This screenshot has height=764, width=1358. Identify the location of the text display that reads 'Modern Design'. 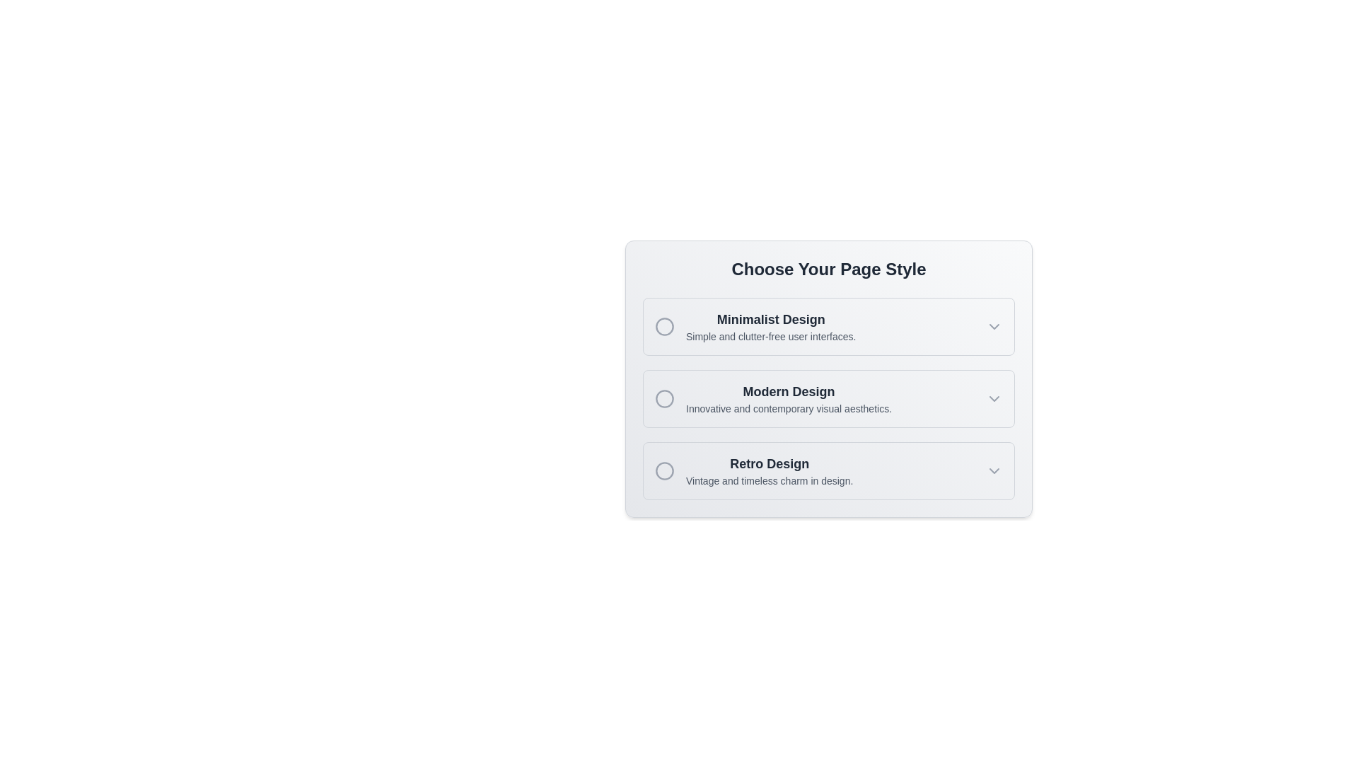
(788, 398).